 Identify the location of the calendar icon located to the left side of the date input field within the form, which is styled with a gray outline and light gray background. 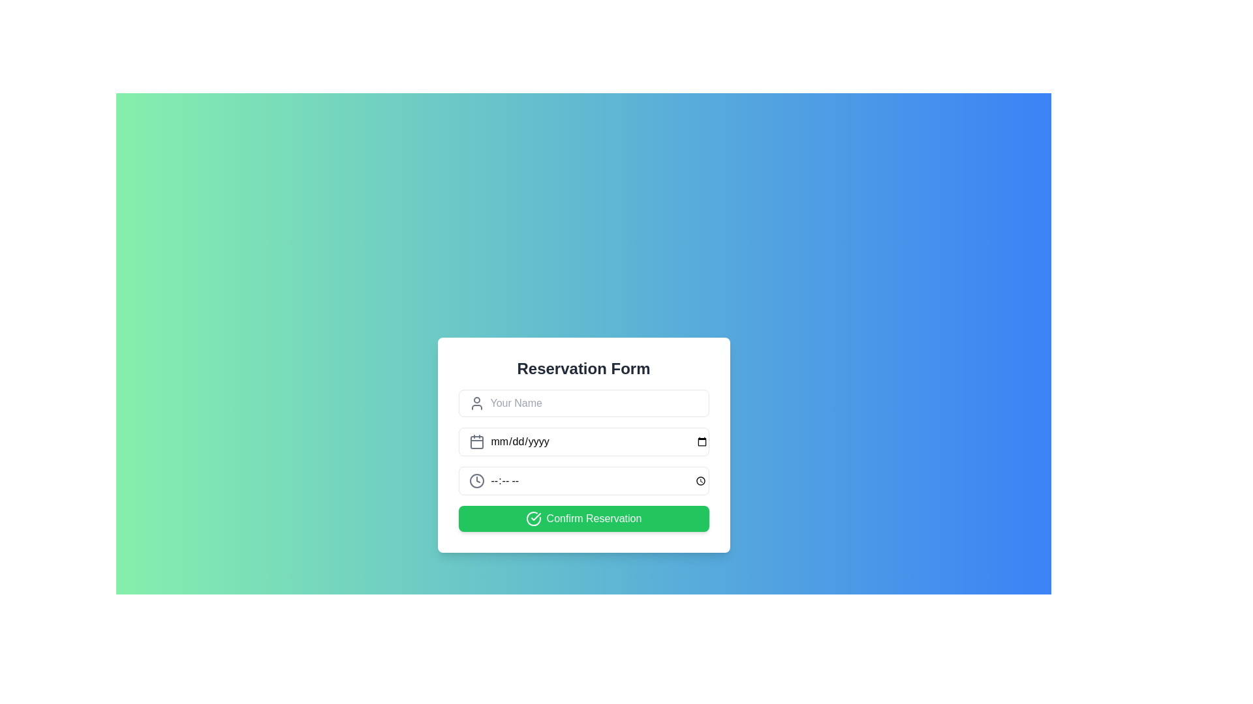
(476, 441).